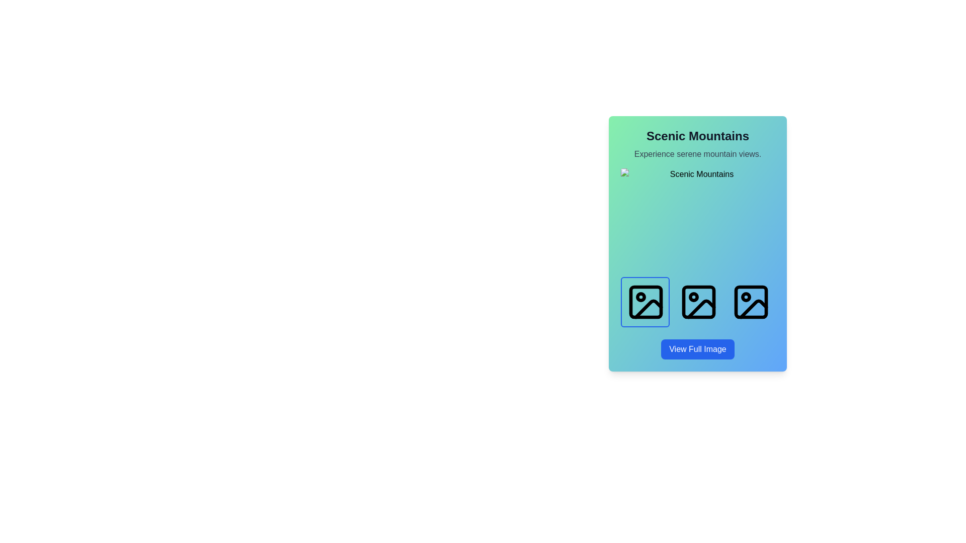 Image resolution: width=966 pixels, height=543 pixels. What do you see at coordinates (693, 296) in the screenshot?
I see `the decorative Circle (SVG element) that marks the second icon in a series of three square image placeholders` at bounding box center [693, 296].